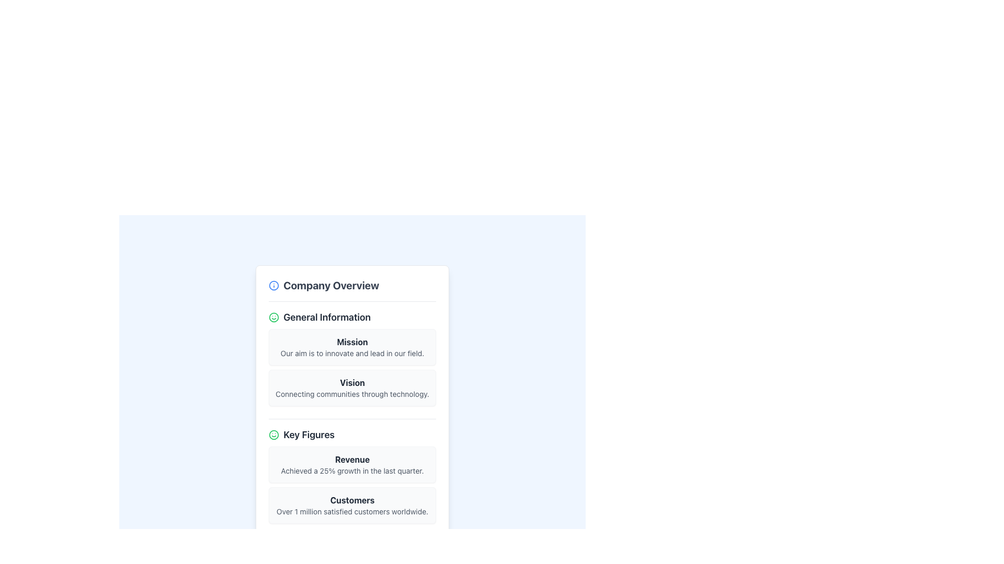  What do you see at coordinates (352, 347) in the screenshot?
I see `the Informational card element titled 'Mission', which contains a description about innovation and leadership, located in the 'General Information' section` at bounding box center [352, 347].